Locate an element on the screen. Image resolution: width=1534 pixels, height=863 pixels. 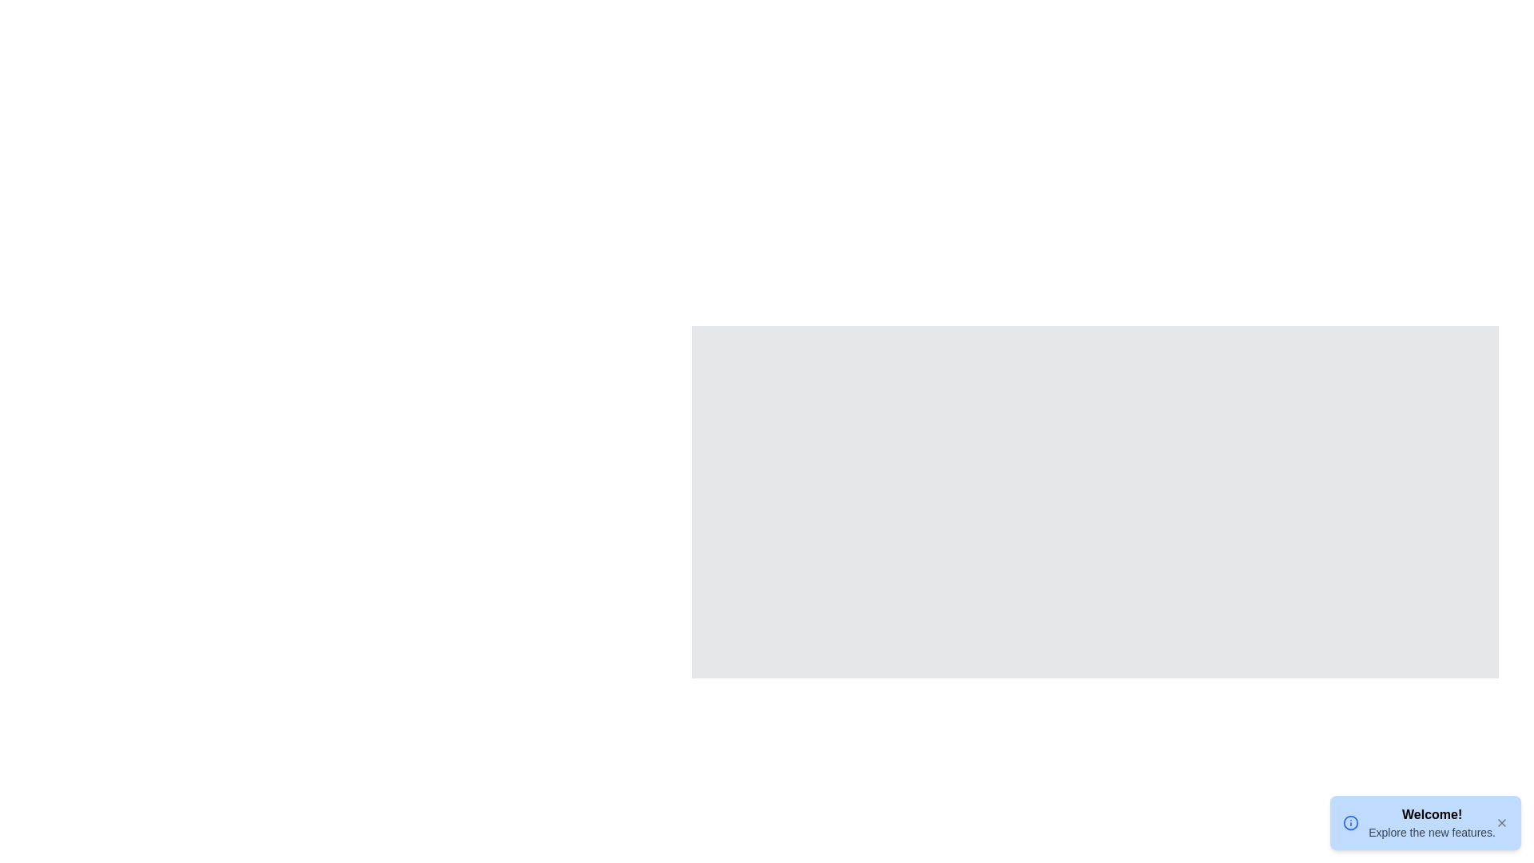
the circular part of the SVG information icon located at the bottom-right corner of the interface is located at coordinates (1350, 822).